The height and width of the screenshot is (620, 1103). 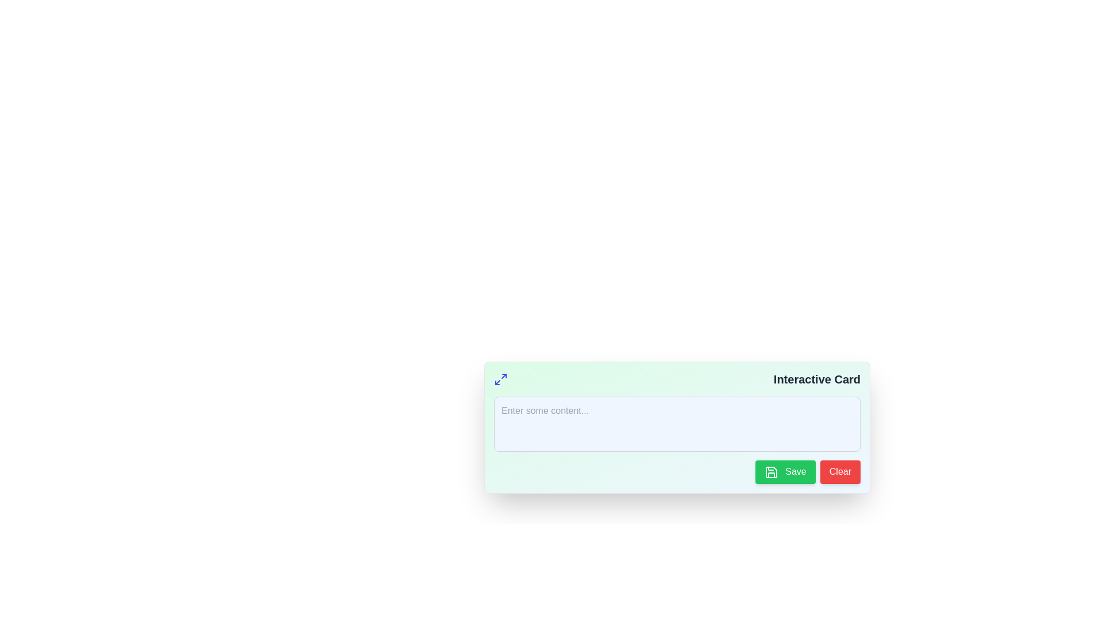 I want to click on the save button located in the bottom-right section of the interactive card layout, so click(x=785, y=472).